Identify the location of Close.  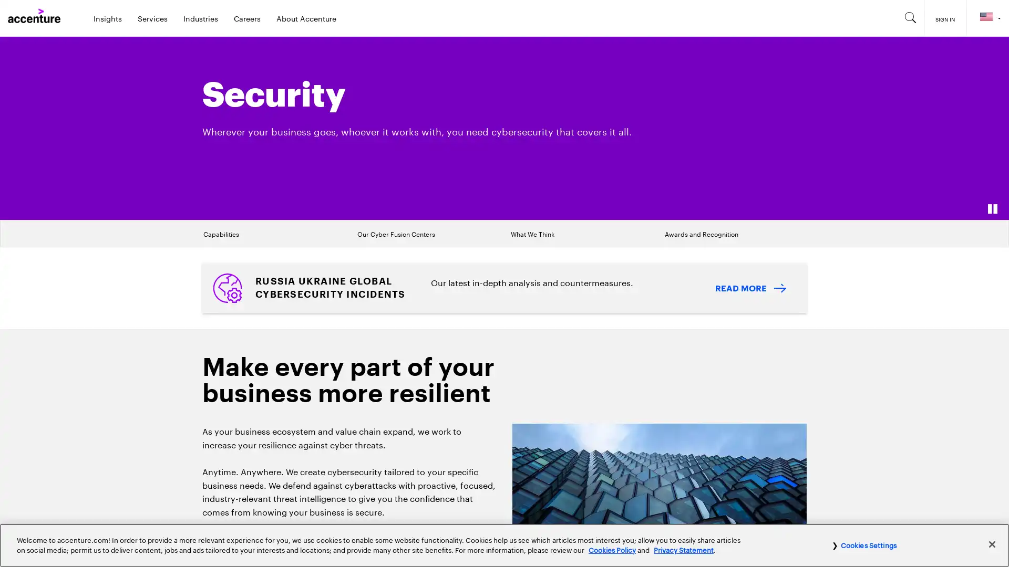
(991, 543).